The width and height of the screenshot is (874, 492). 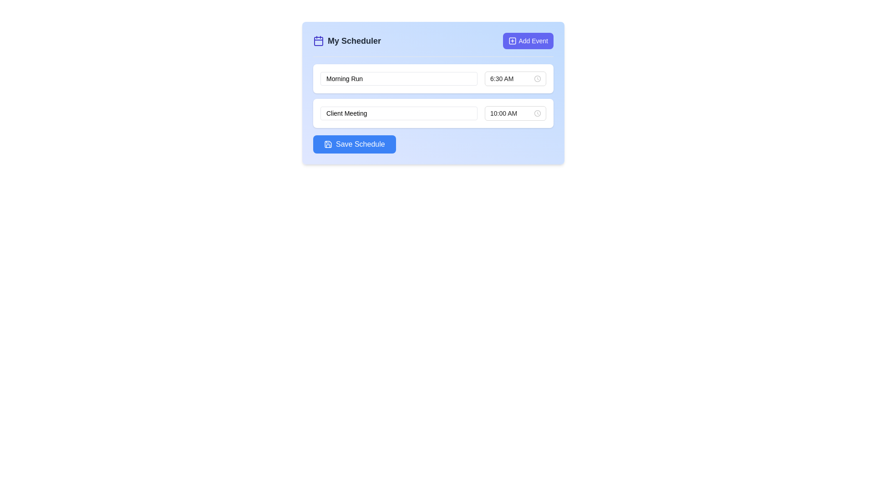 What do you see at coordinates (515, 78) in the screenshot?
I see `the Time Picker Input element displaying '6:30 AM' located in the 'My Scheduler' section next to 'Morning Run' to enable input` at bounding box center [515, 78].